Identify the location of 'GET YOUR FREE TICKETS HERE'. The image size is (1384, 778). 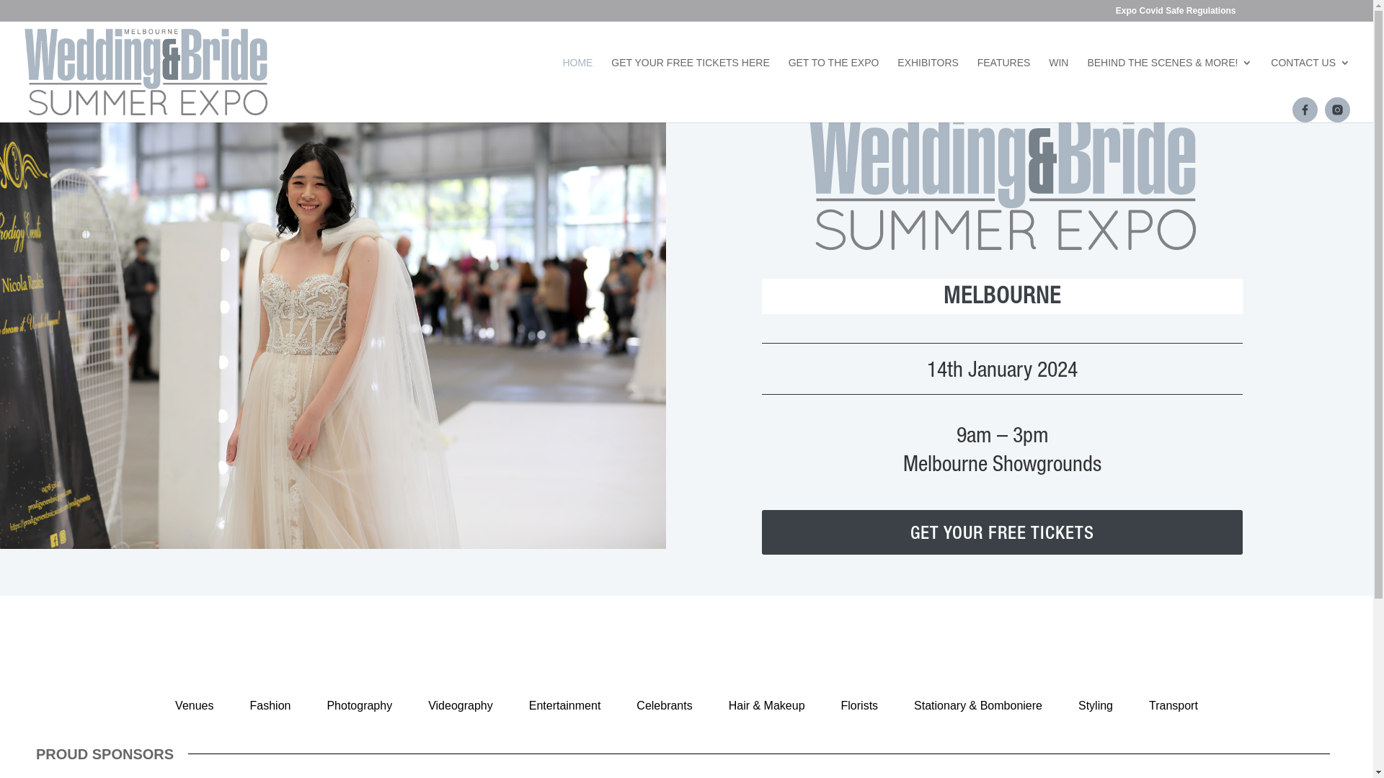
(611, 80).